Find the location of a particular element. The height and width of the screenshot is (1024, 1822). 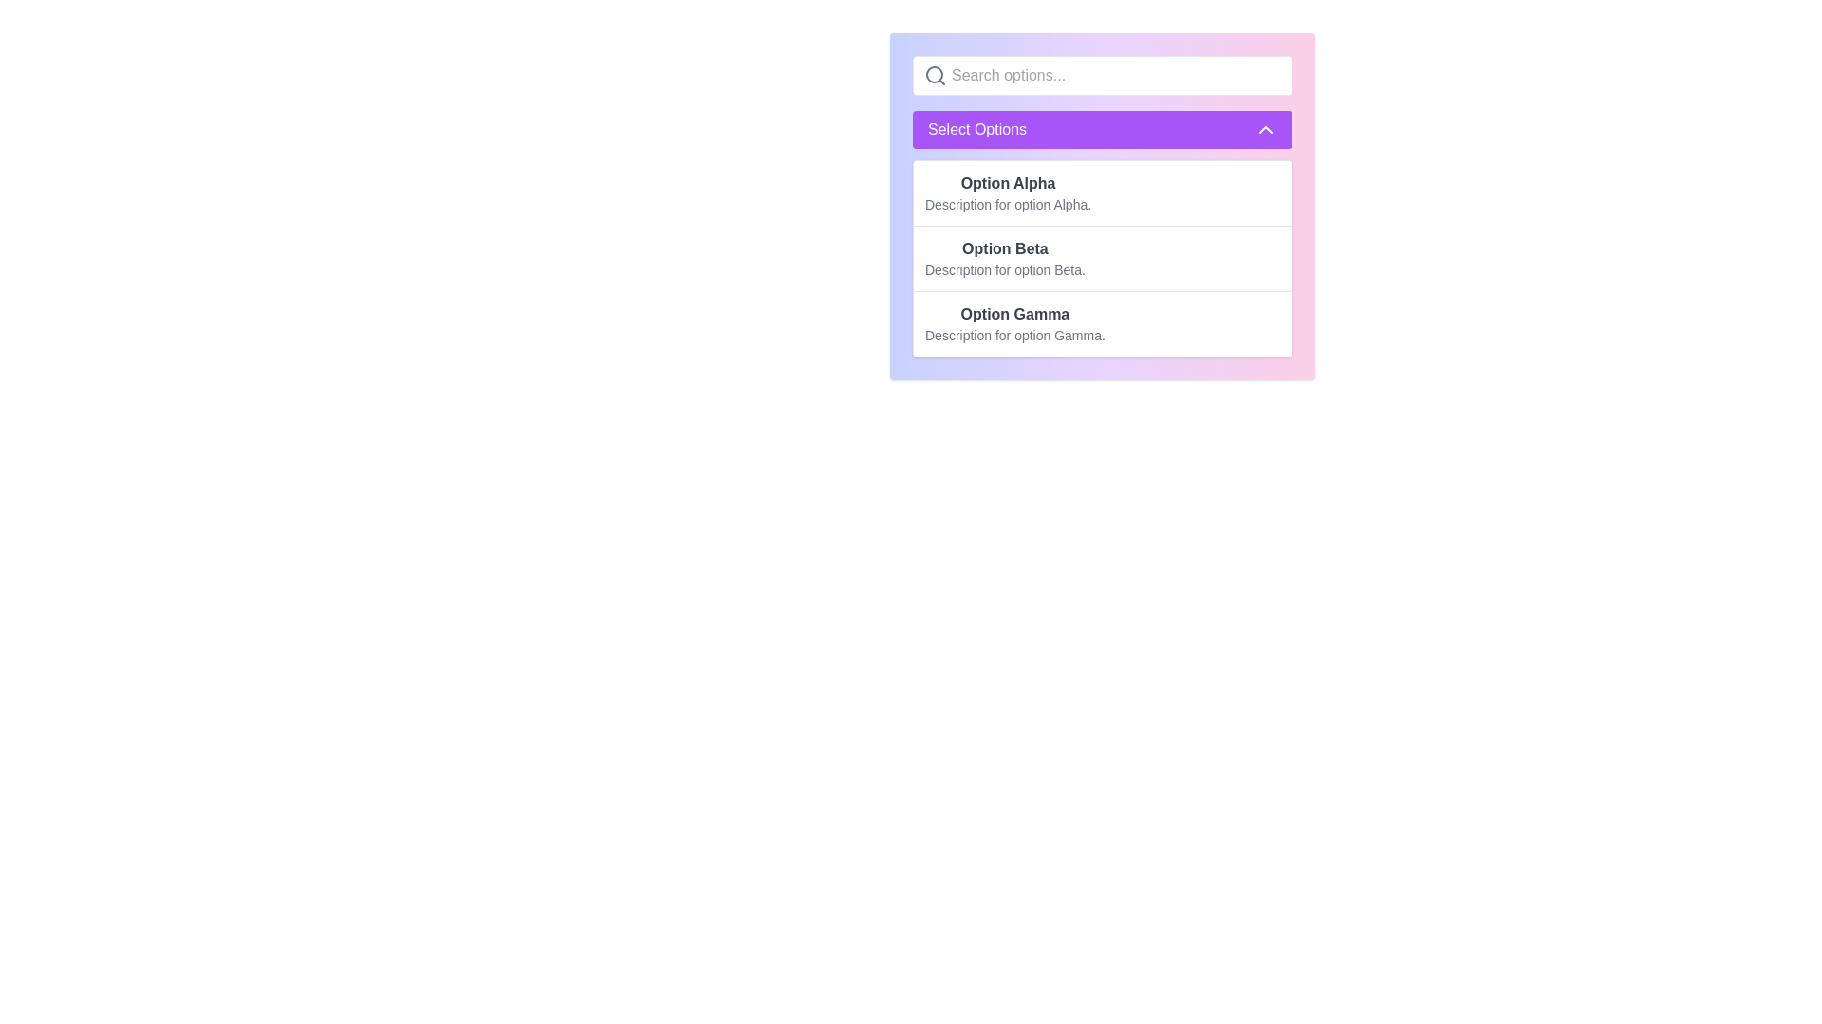

the first selectable option is located at coordinates (1007, 193).